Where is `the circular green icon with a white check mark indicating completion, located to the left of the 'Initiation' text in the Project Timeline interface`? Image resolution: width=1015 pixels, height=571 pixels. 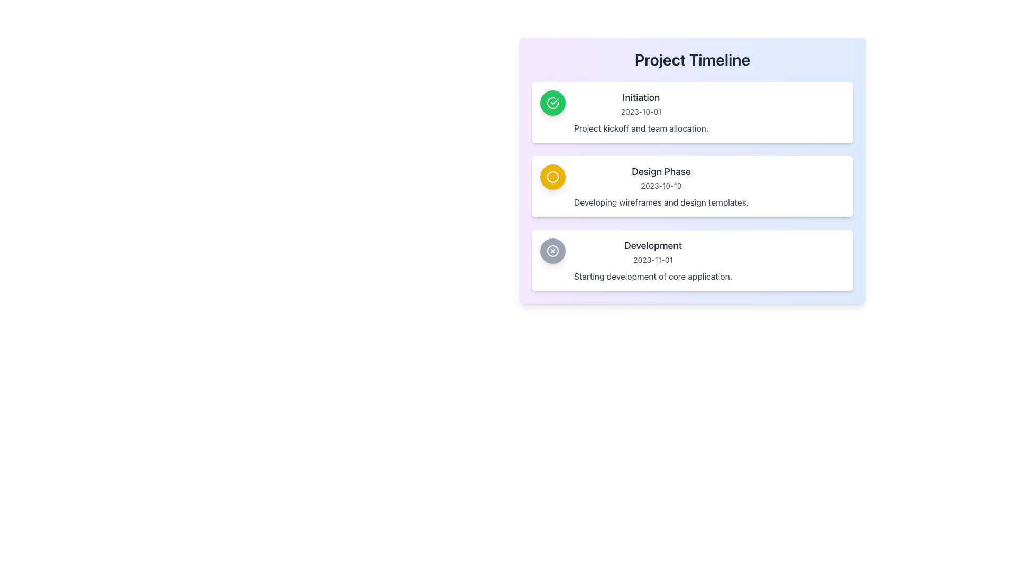 the circular green icon with a white check mark indicating completion, located to the left of the 'Initiation' text in the Project Timeline interface is located at coordinates (552, 103).